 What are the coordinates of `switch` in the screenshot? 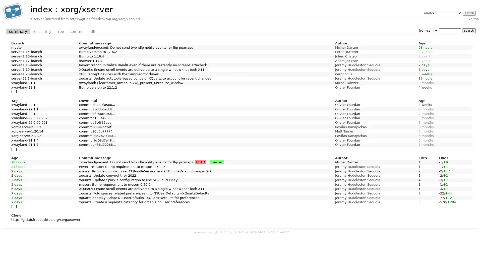 It's located at (469, 13).